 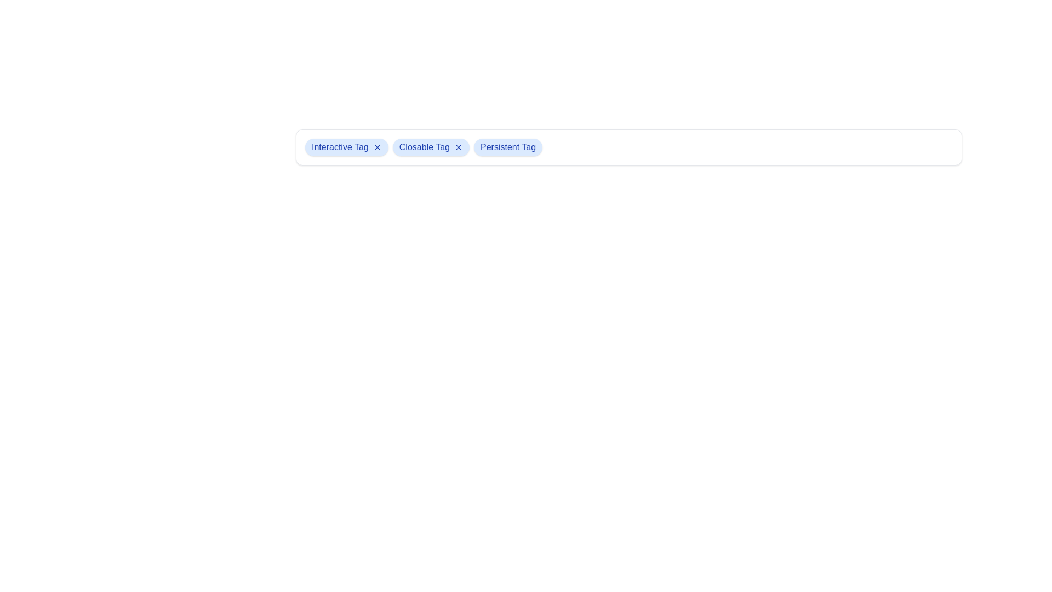 I want to click on the close button of the tag labeled 'Interactive Tag', so click(x=377, y=147).